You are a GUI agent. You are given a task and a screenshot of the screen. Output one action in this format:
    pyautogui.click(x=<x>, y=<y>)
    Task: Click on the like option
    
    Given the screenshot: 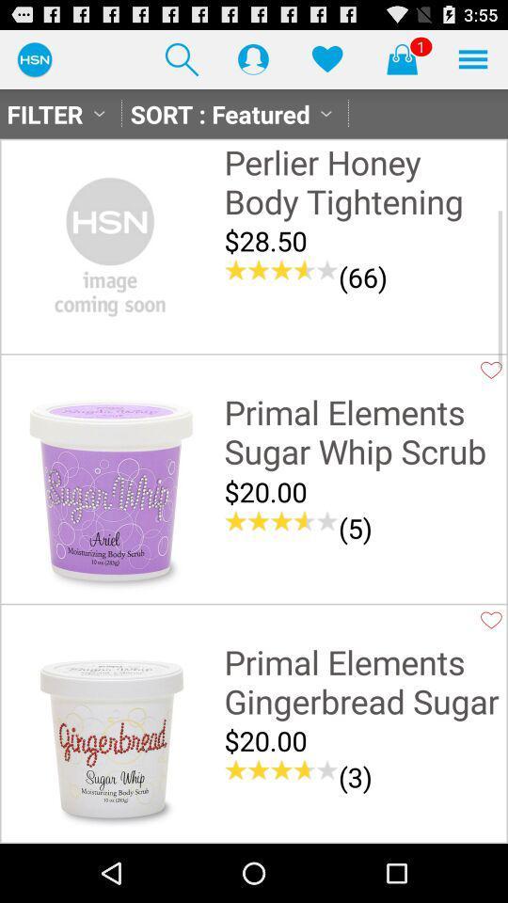 What is the action you would take?
    pyautogui.click(x=491, y=619)
    